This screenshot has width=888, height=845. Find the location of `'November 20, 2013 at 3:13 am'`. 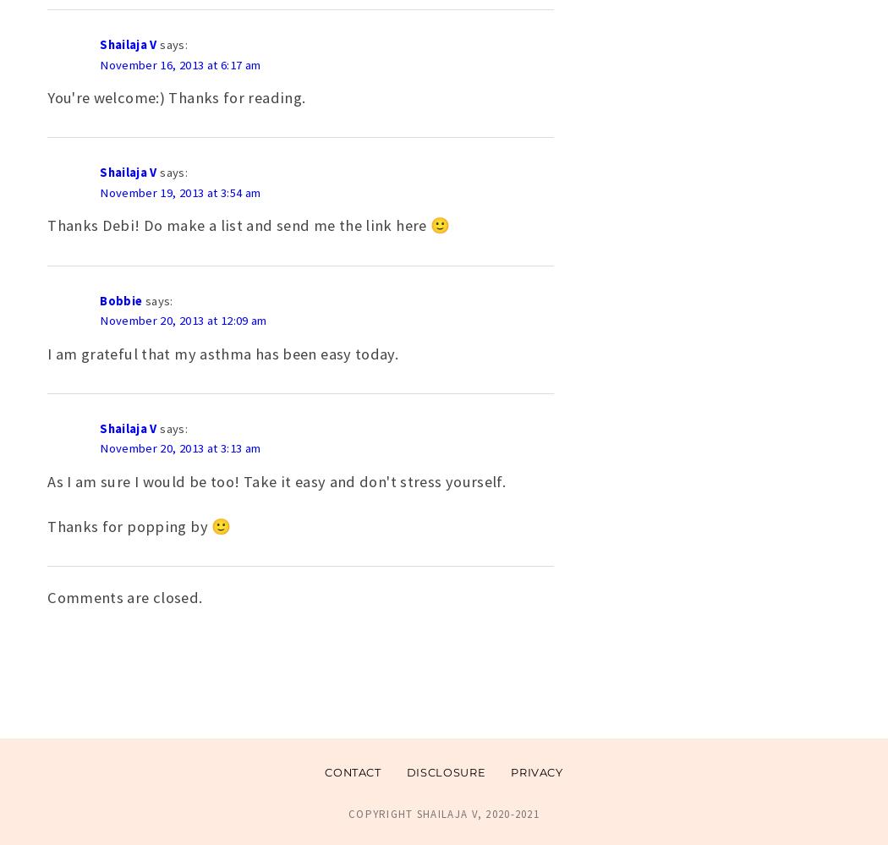

'November 20, 2013 at 3:13 am' is located at coordinates (179, 447).